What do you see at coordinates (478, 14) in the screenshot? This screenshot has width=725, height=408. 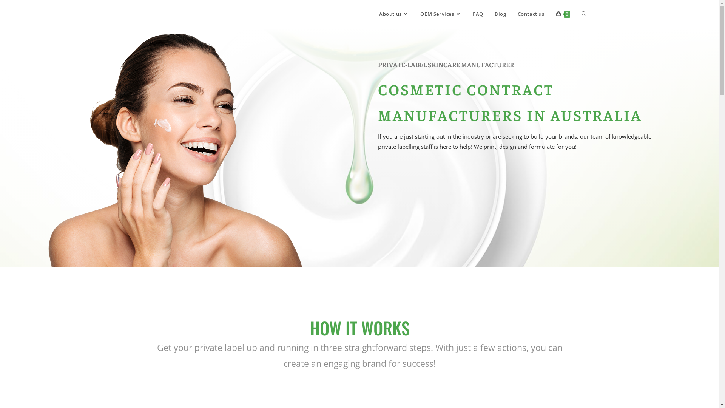 I see `'FAQ'` at bounding box center [478, 14].